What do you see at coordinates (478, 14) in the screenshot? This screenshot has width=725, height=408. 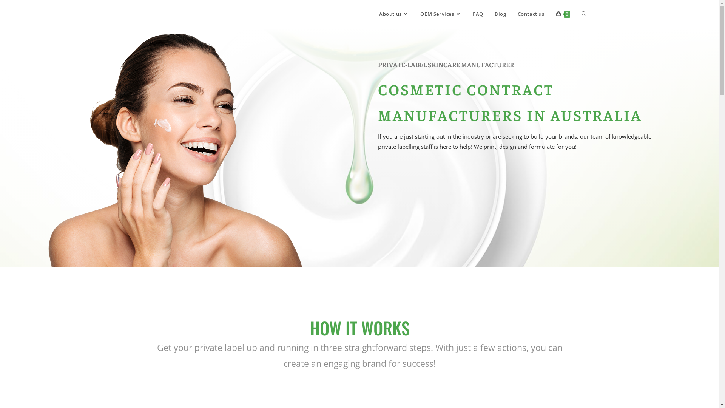 I see `'FAQ'` at bounding box center [478, 14].